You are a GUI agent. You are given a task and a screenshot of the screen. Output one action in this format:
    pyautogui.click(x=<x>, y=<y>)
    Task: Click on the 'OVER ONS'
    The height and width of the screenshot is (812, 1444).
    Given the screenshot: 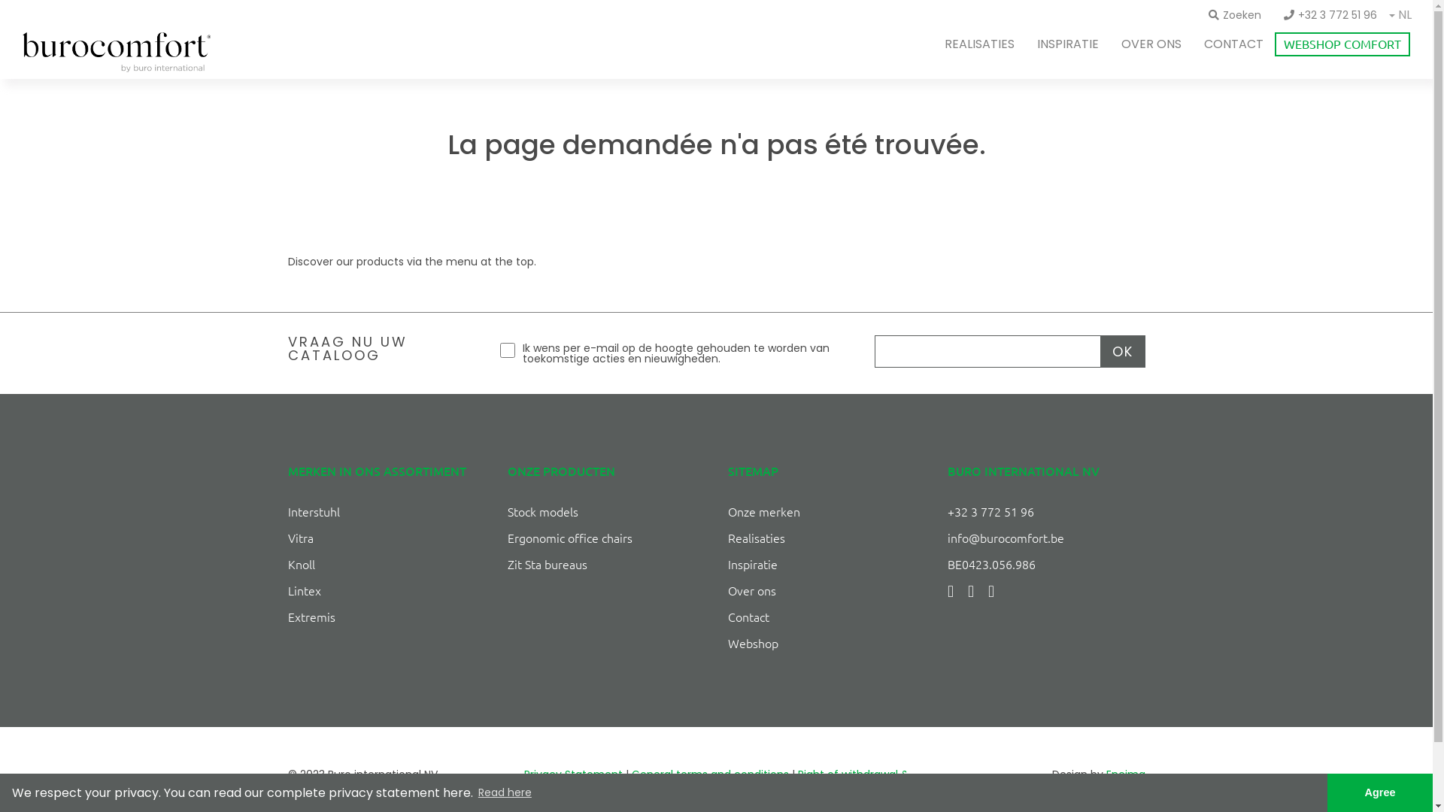 What is the action you would take?
    pyautogui.click(x=1151, y=43)
    